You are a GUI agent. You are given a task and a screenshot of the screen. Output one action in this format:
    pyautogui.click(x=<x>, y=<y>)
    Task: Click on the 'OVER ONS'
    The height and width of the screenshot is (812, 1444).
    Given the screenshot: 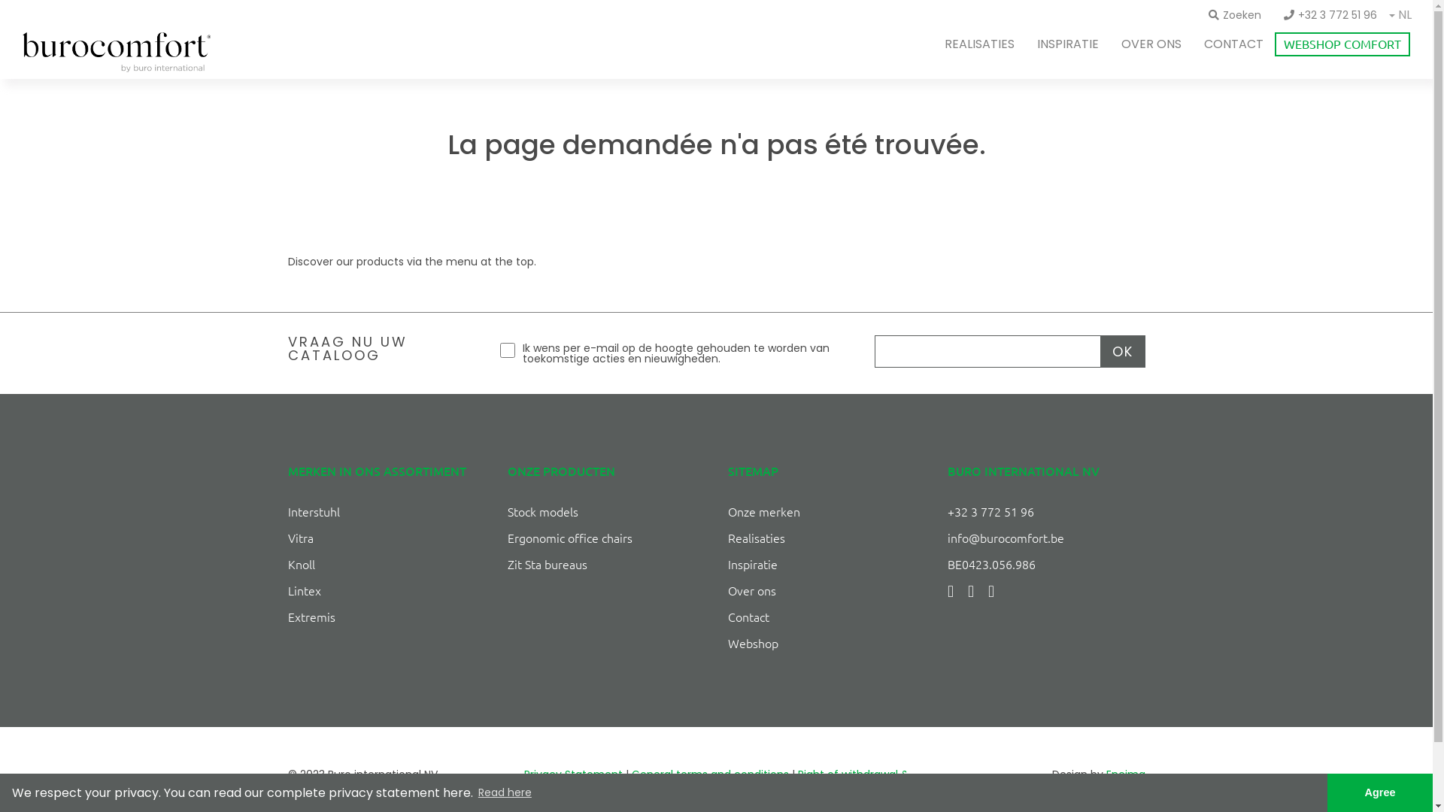 What is the action you would take?
    pyautogui.click(x=1151, y=43)
    